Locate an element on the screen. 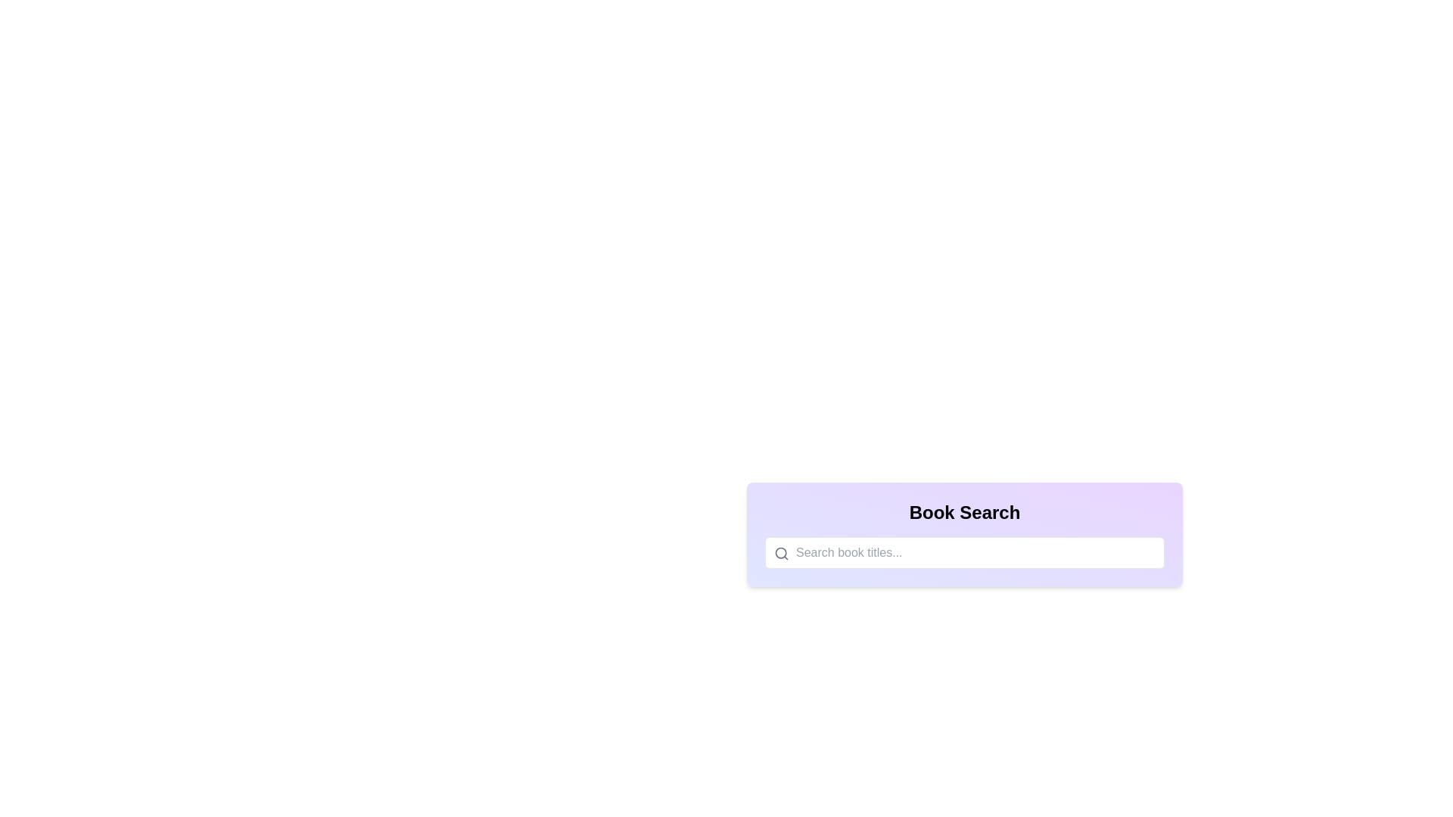 The width and height of the screenshot is (1453, 817). the SVG circle graphic that is part of the magnifying glass icon within the search field UI component is located at coordinates (781, 553).